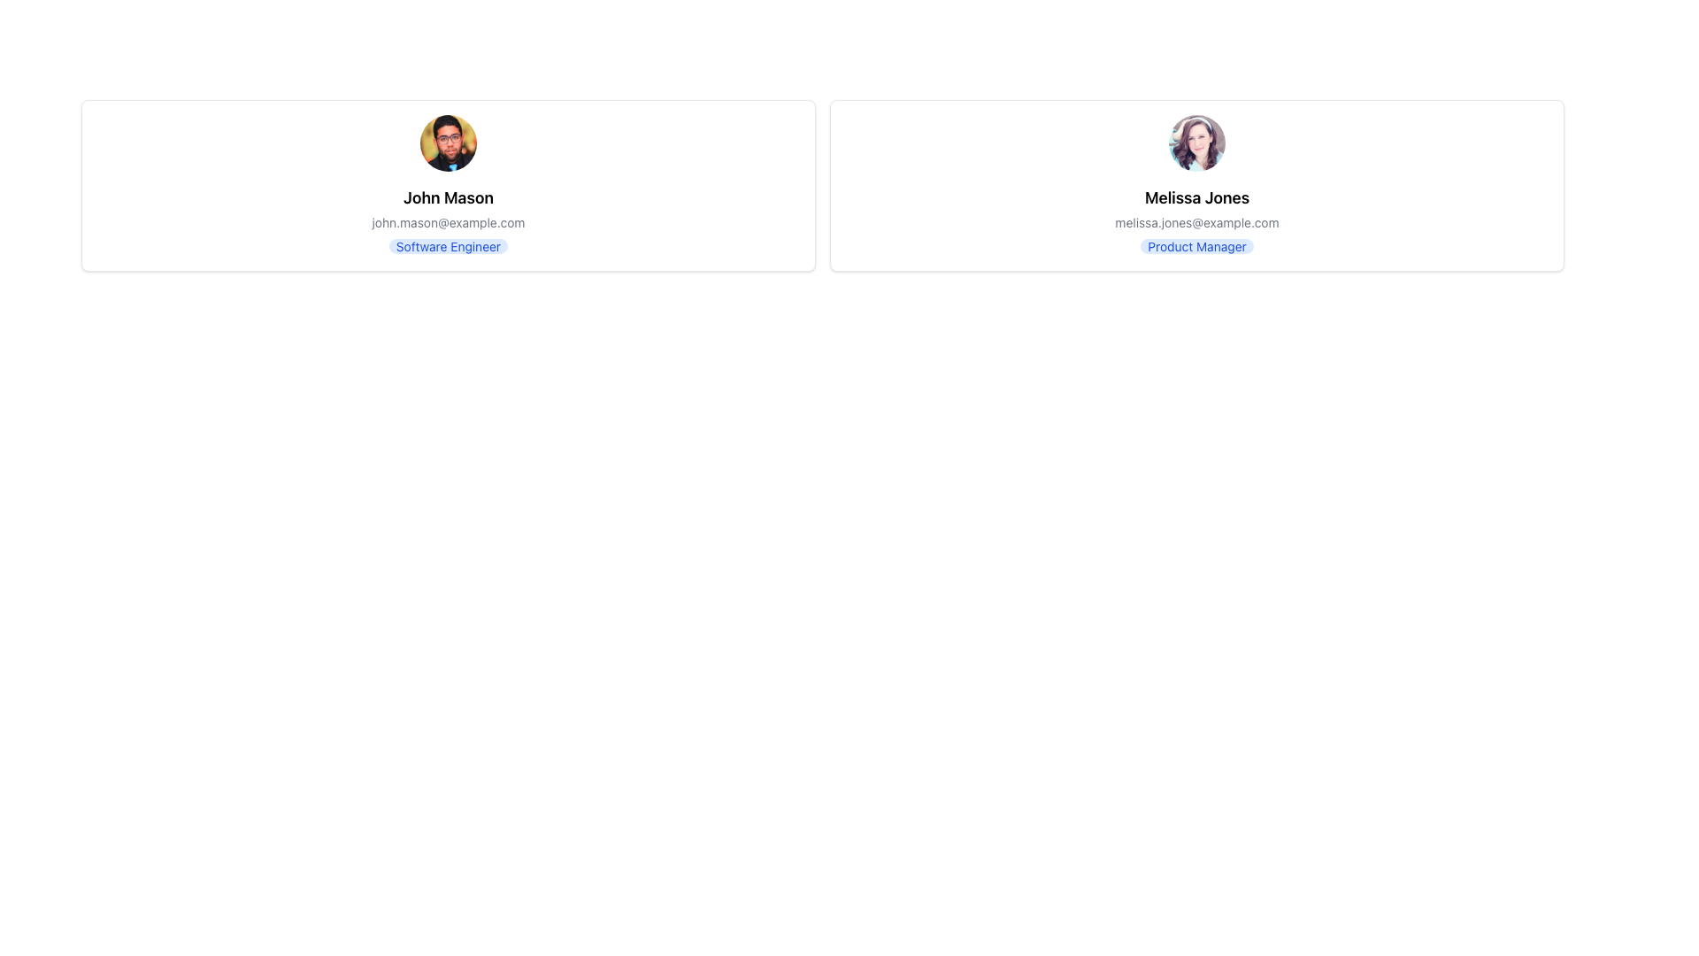 The height and width of the screenshot is (956, 1699). Describe the element at coordinates (1197, 246) in the screenshot. I see `the label indicating the role 'Product Manager' associated with Melissa Jones's profile information, located below the email 'melissa.jones@example.com'` at that location.